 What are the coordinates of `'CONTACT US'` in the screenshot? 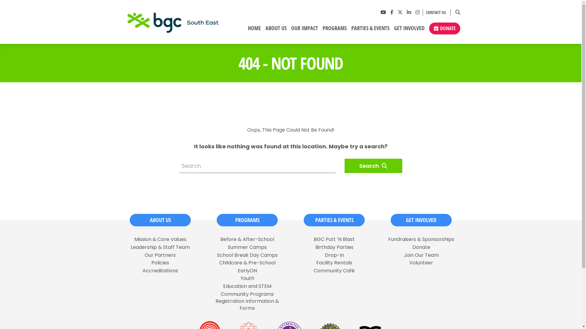 It's located at (434, 12).